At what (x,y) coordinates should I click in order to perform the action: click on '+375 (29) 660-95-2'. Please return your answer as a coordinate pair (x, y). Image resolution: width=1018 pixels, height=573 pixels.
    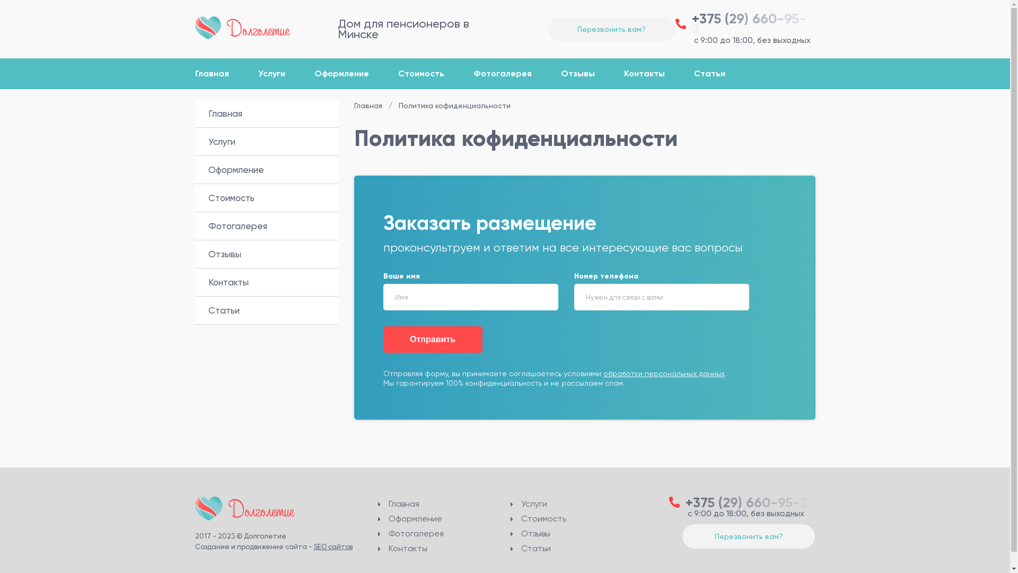
    Looking at the image, I should click on (742, 501).